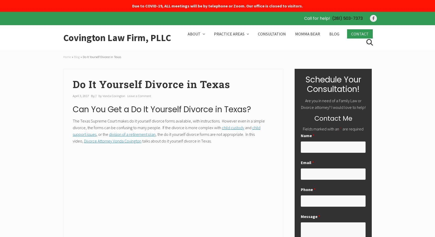  Describe the element at coordinates (301, 103) in the screenshot. I see `'Are you in need of a Family Law or Divorce attorney? I would love to help!'` at that location.